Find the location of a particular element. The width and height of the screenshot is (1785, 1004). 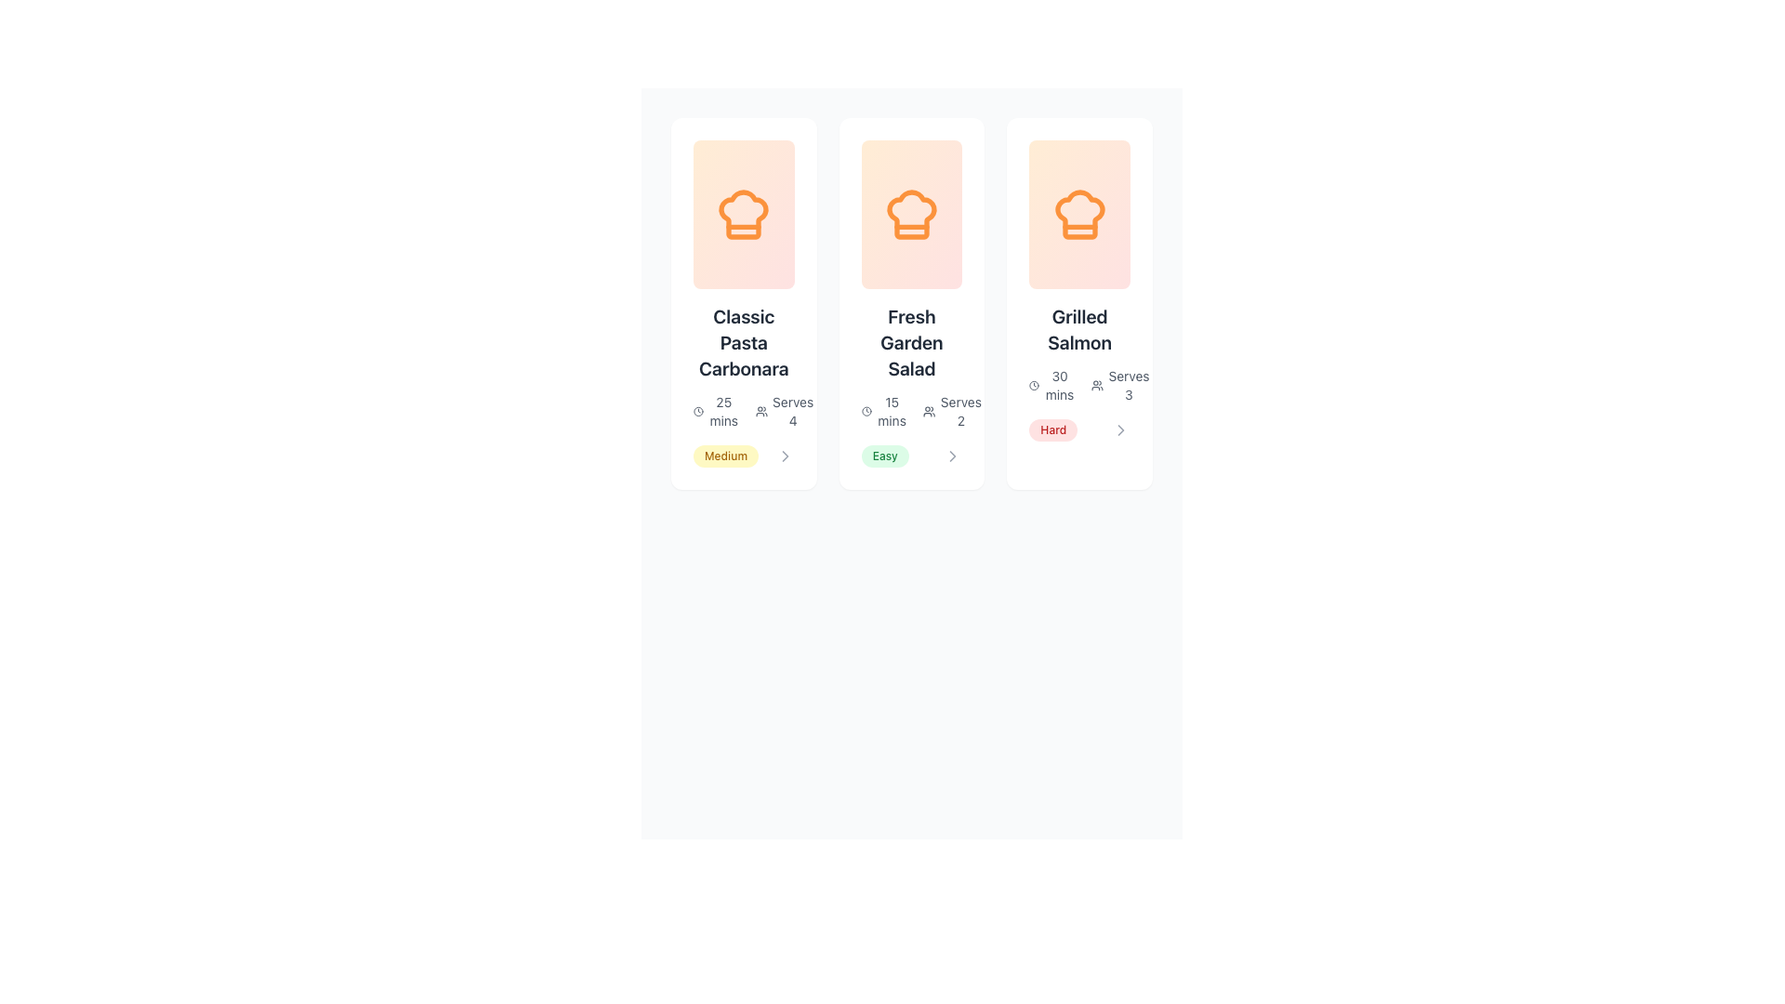

the icon indicating the number of servings for the recipe located in the middle card displaying 'Fresh Garden Salad', positioned to the left of the text 'Serves 2' is located at coordinates (929, 411).